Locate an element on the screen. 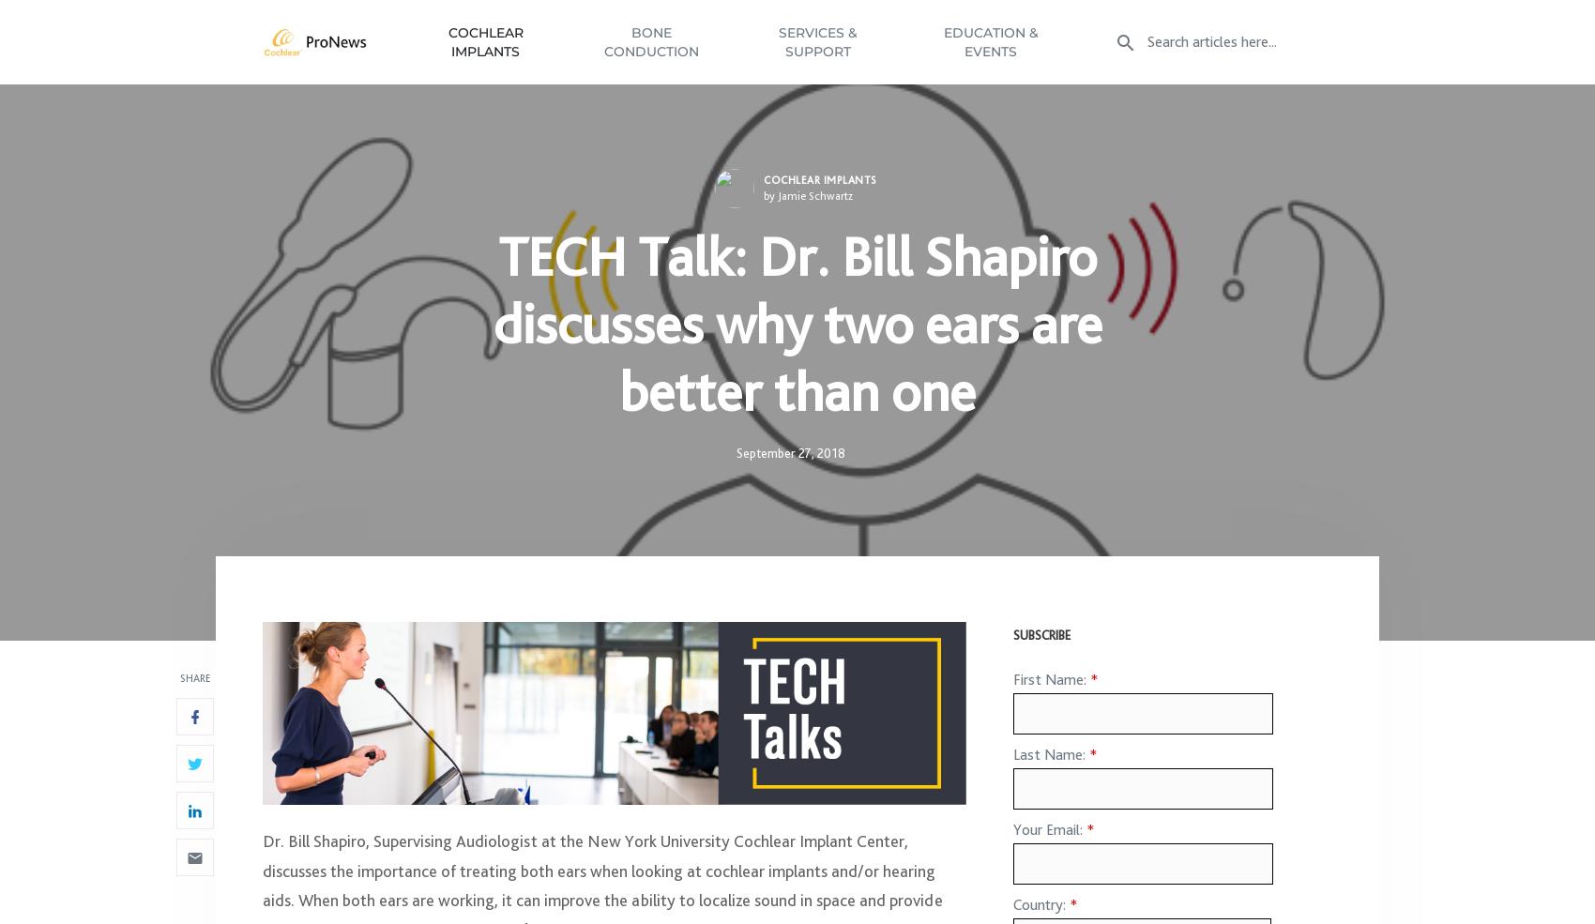  'Services & Support' is located at coordinates (817, 46).